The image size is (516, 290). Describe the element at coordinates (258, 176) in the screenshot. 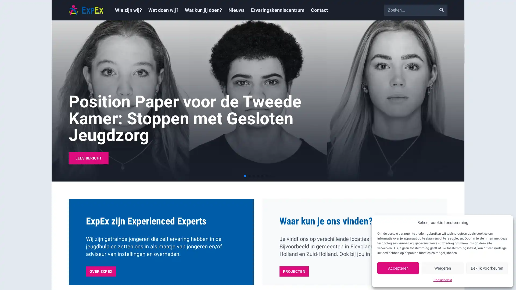

I see `Go to slide 4` at that location.